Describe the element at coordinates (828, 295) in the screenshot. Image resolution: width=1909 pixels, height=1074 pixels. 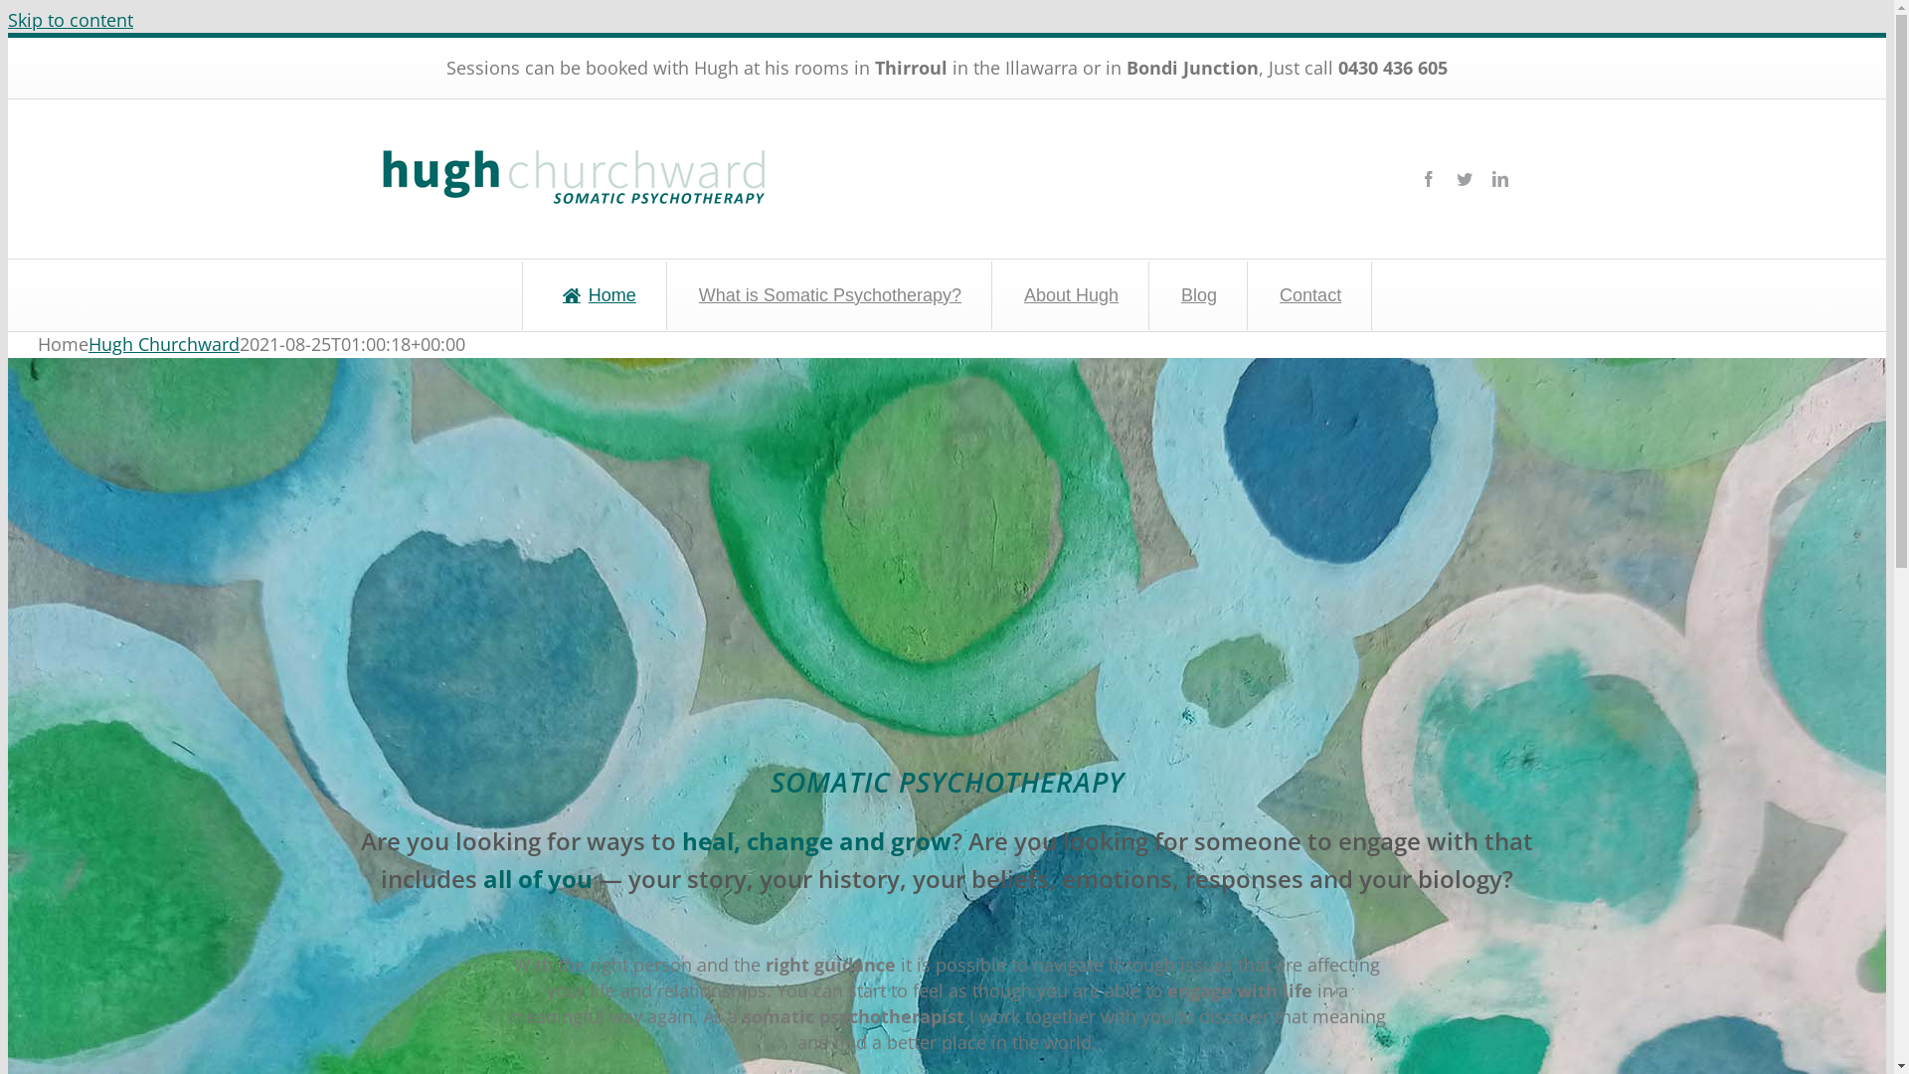
I see `'What is Somatic Psychotherapy?'` at that location.